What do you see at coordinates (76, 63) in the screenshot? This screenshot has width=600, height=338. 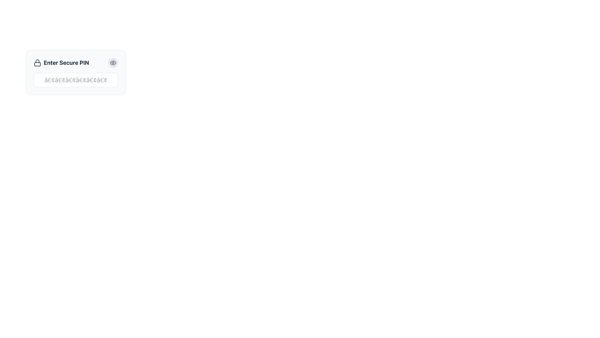 I see `the 'Enter Secure PIN' label with lock and eye icons to highlight accessible information` at bounding box center [76, 63].